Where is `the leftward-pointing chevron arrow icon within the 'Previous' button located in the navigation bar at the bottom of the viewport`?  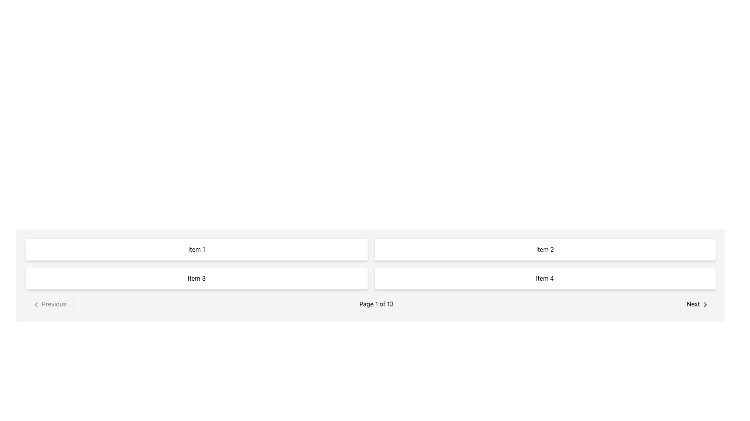 the leftward-pointing chevron arrow icon within the 'Previous' button located in the navigation bar at the bottom of the viewport is located at coordinates (36, 304).